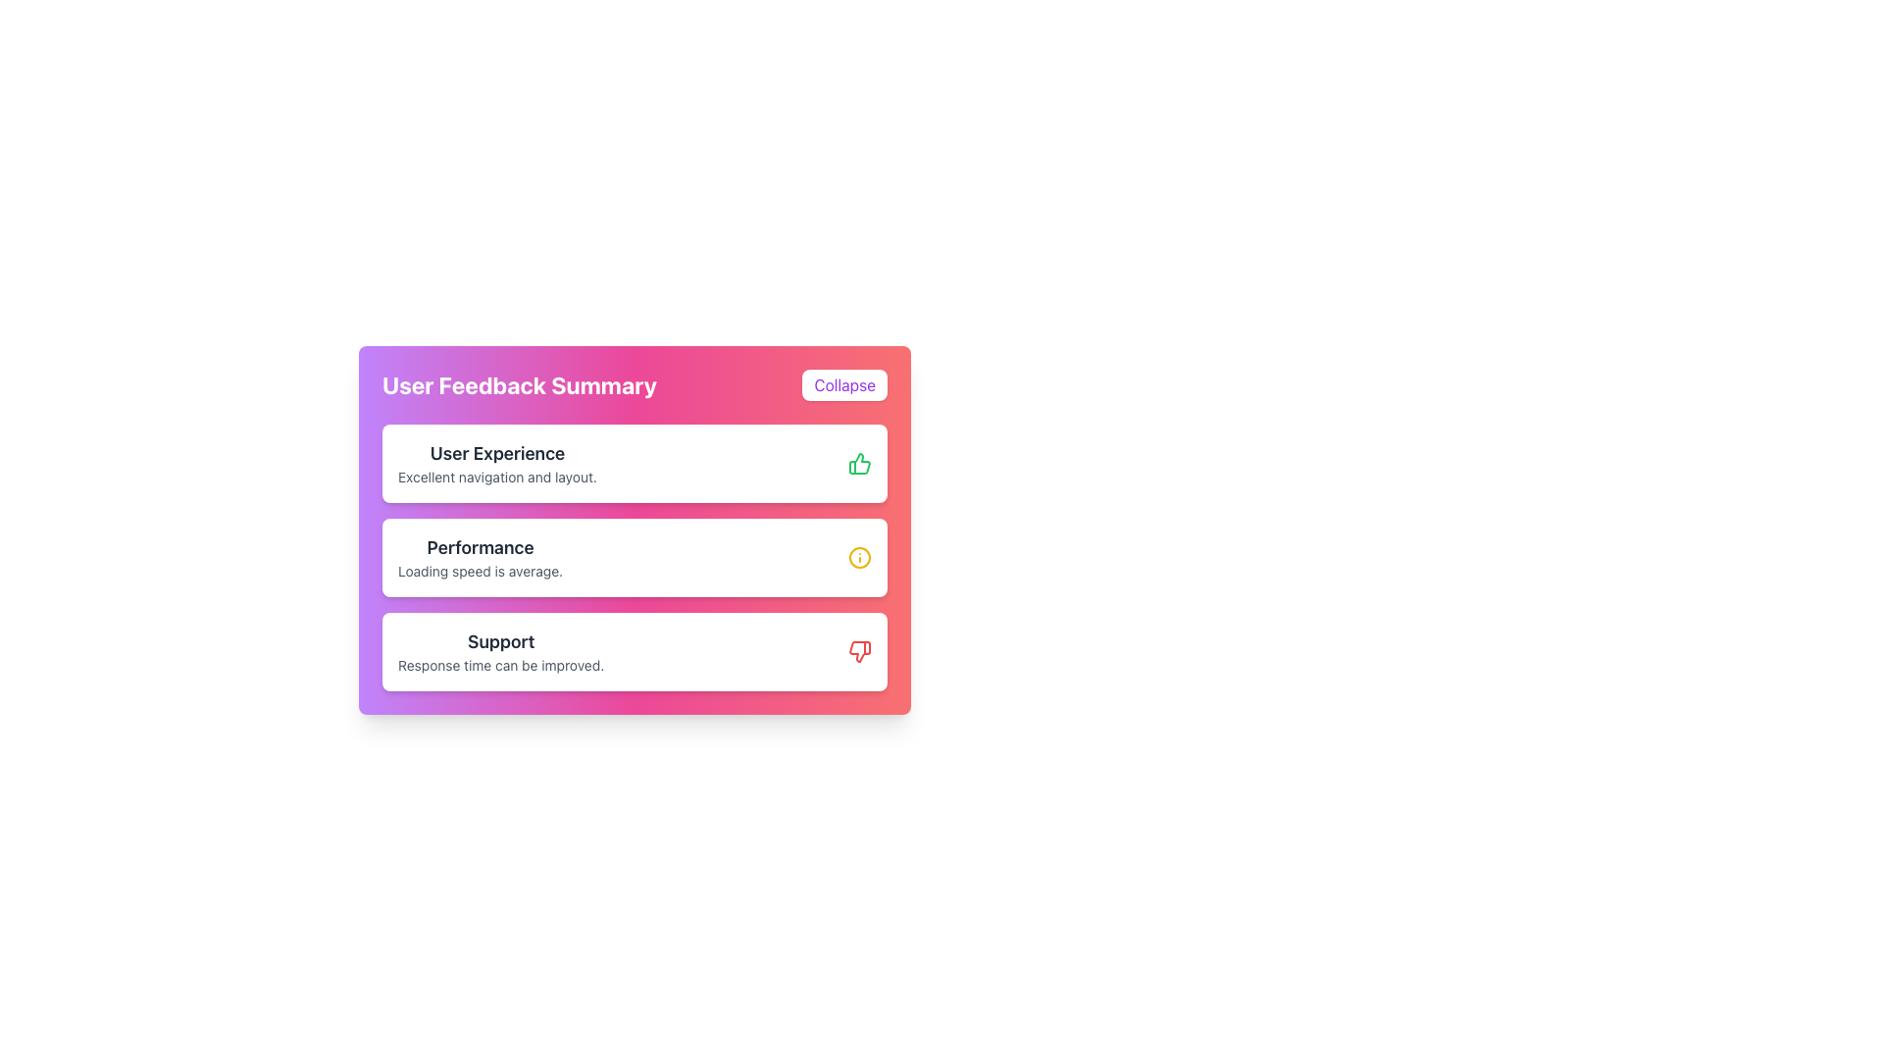 The height and width of the screenshot is (1059, 1883). Describe the element at coordinates (481, 558) in the screenshot. I see `the 'Performance' text in the Information Card` at that location.